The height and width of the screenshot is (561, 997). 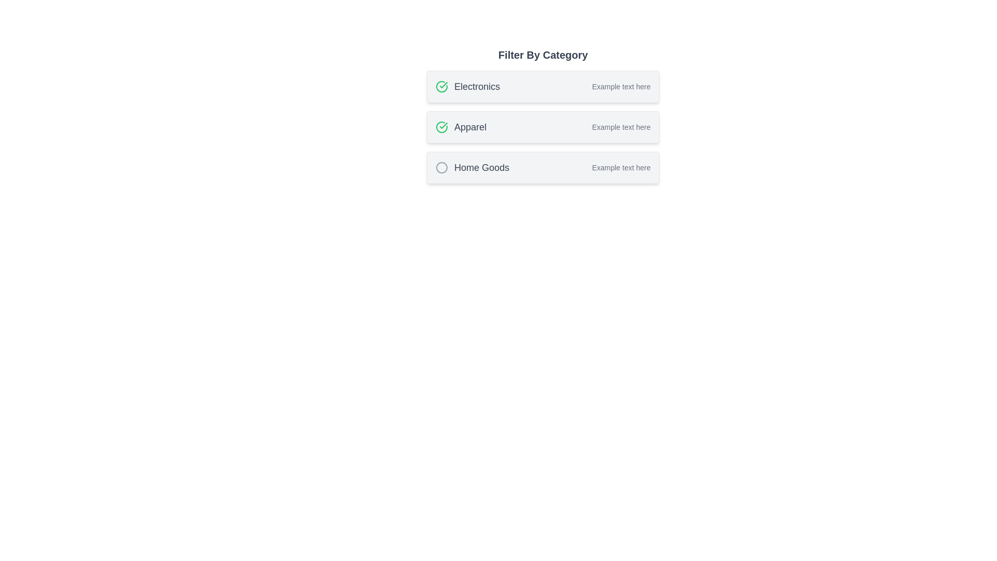 What do you see at coordinates (441, 127) in the screenshot?
I see `the green circular indicator icon with a checkmark, which is located next to the text 'Apparel' in the category filter list` at bounding box center [441, 127].